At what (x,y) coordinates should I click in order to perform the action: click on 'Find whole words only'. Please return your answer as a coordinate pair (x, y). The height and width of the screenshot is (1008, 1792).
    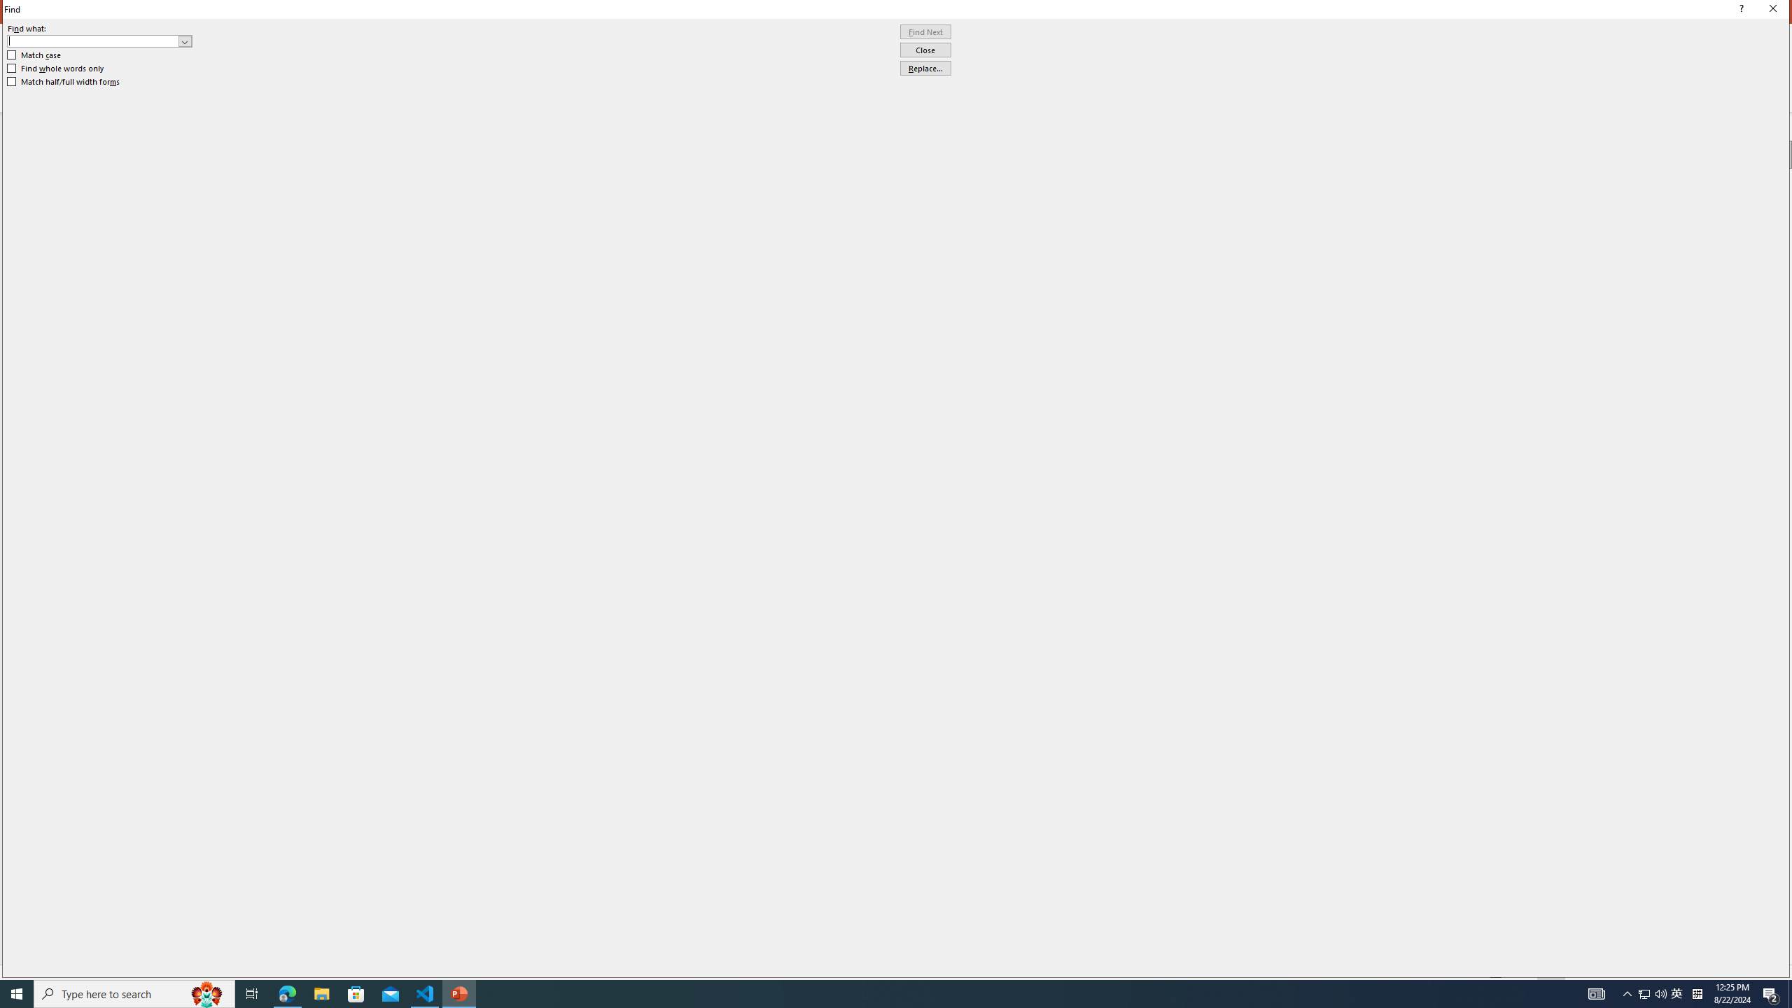
    Looking at the image, I should click on (56, 67).